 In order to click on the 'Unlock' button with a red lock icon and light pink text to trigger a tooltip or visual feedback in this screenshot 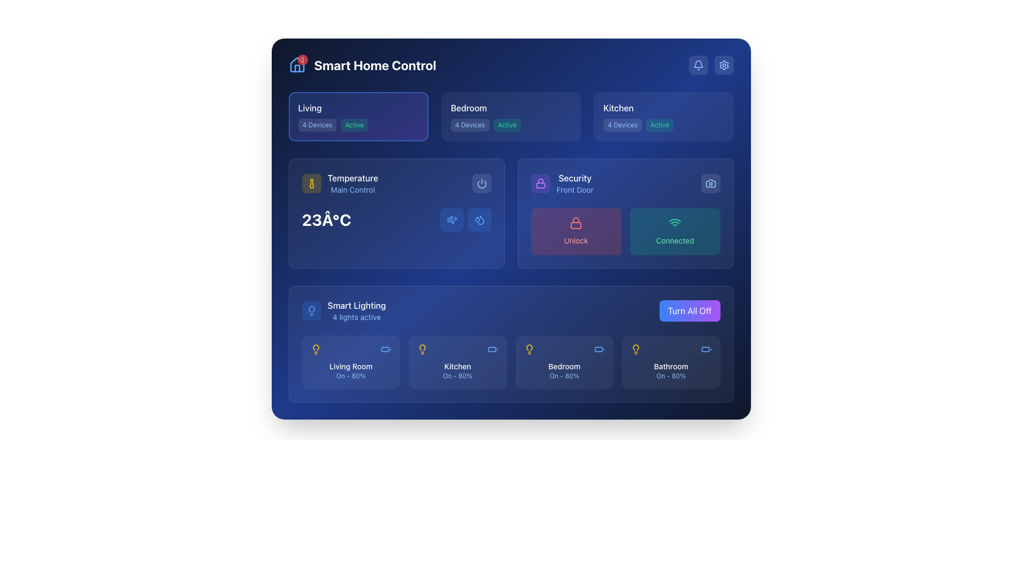, I will do `click(575, 231)`.